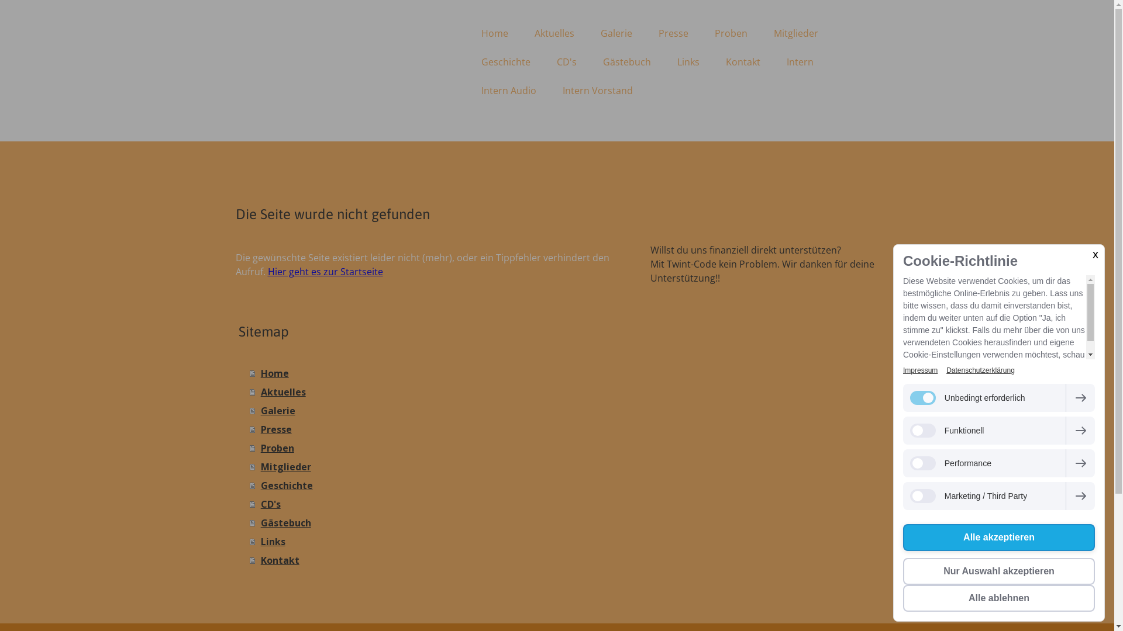 The image size is (1123, 631). Describe the element at coordinates (998, 571) in the screenshot. I see `'Nur Auswahl akzeptieren'` at that location.